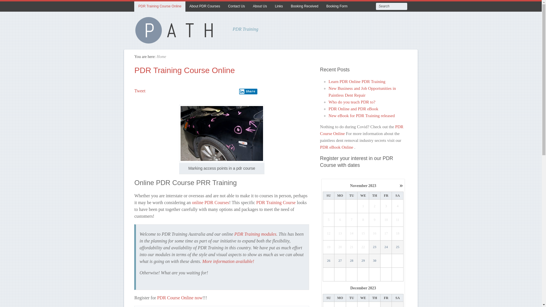 This screenshot has height=307, width=546. What do you see at coordinates (375, 206) in the screenshot?
I see `'2'` at bounding box center [375, 206].